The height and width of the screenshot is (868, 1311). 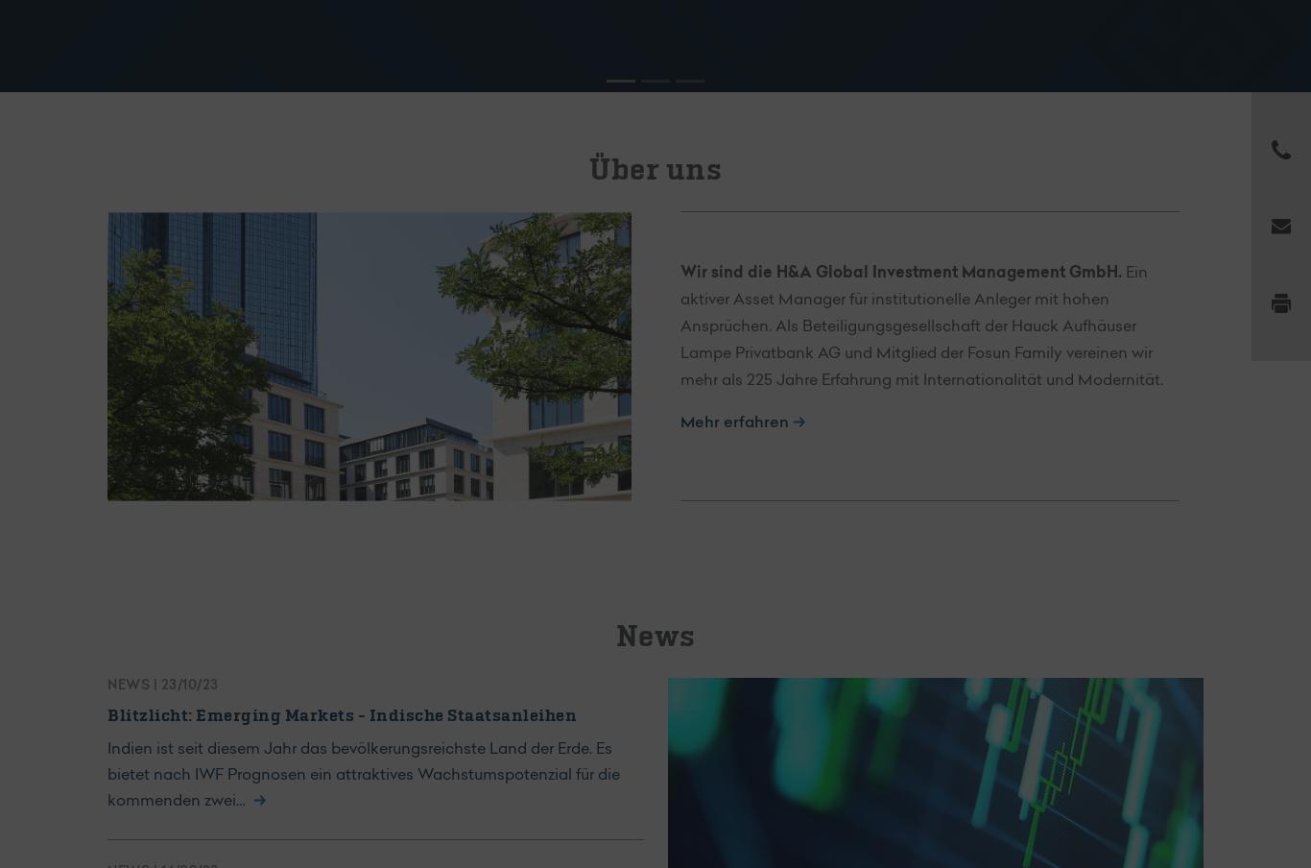 What do you see at coordinates (307, 802) in the screenshot?
I see `'Read more'` at bounding box center [307, 802].